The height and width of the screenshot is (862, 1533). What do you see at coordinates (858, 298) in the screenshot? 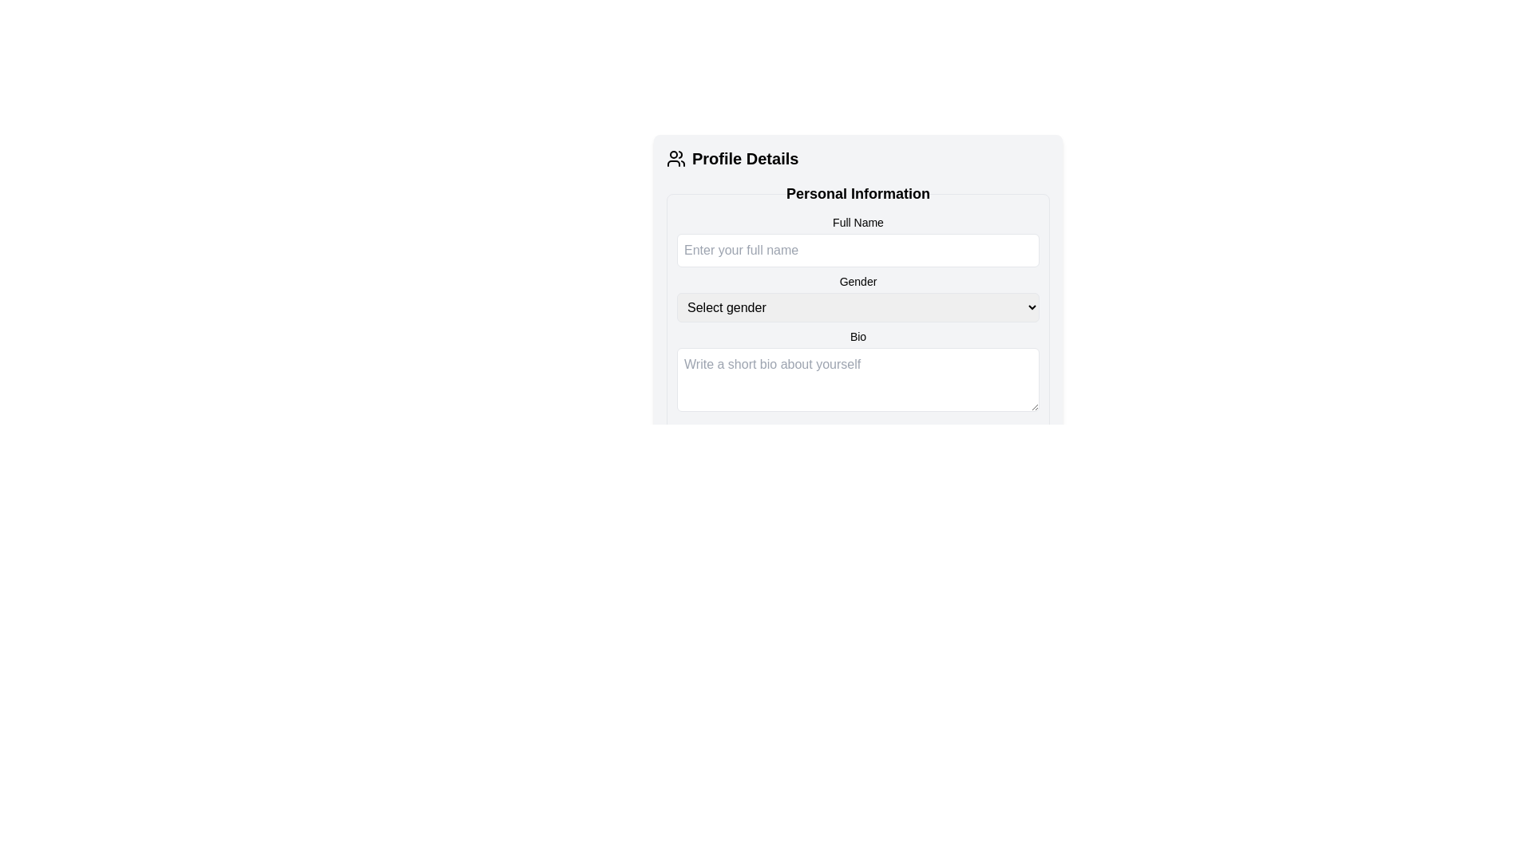
I see `the dropdown menu for selecting gender located in the 'Personal Information' section, which is the second field below 'Full Name' and directly above 'Bio'` at bounding box center [858, 298].